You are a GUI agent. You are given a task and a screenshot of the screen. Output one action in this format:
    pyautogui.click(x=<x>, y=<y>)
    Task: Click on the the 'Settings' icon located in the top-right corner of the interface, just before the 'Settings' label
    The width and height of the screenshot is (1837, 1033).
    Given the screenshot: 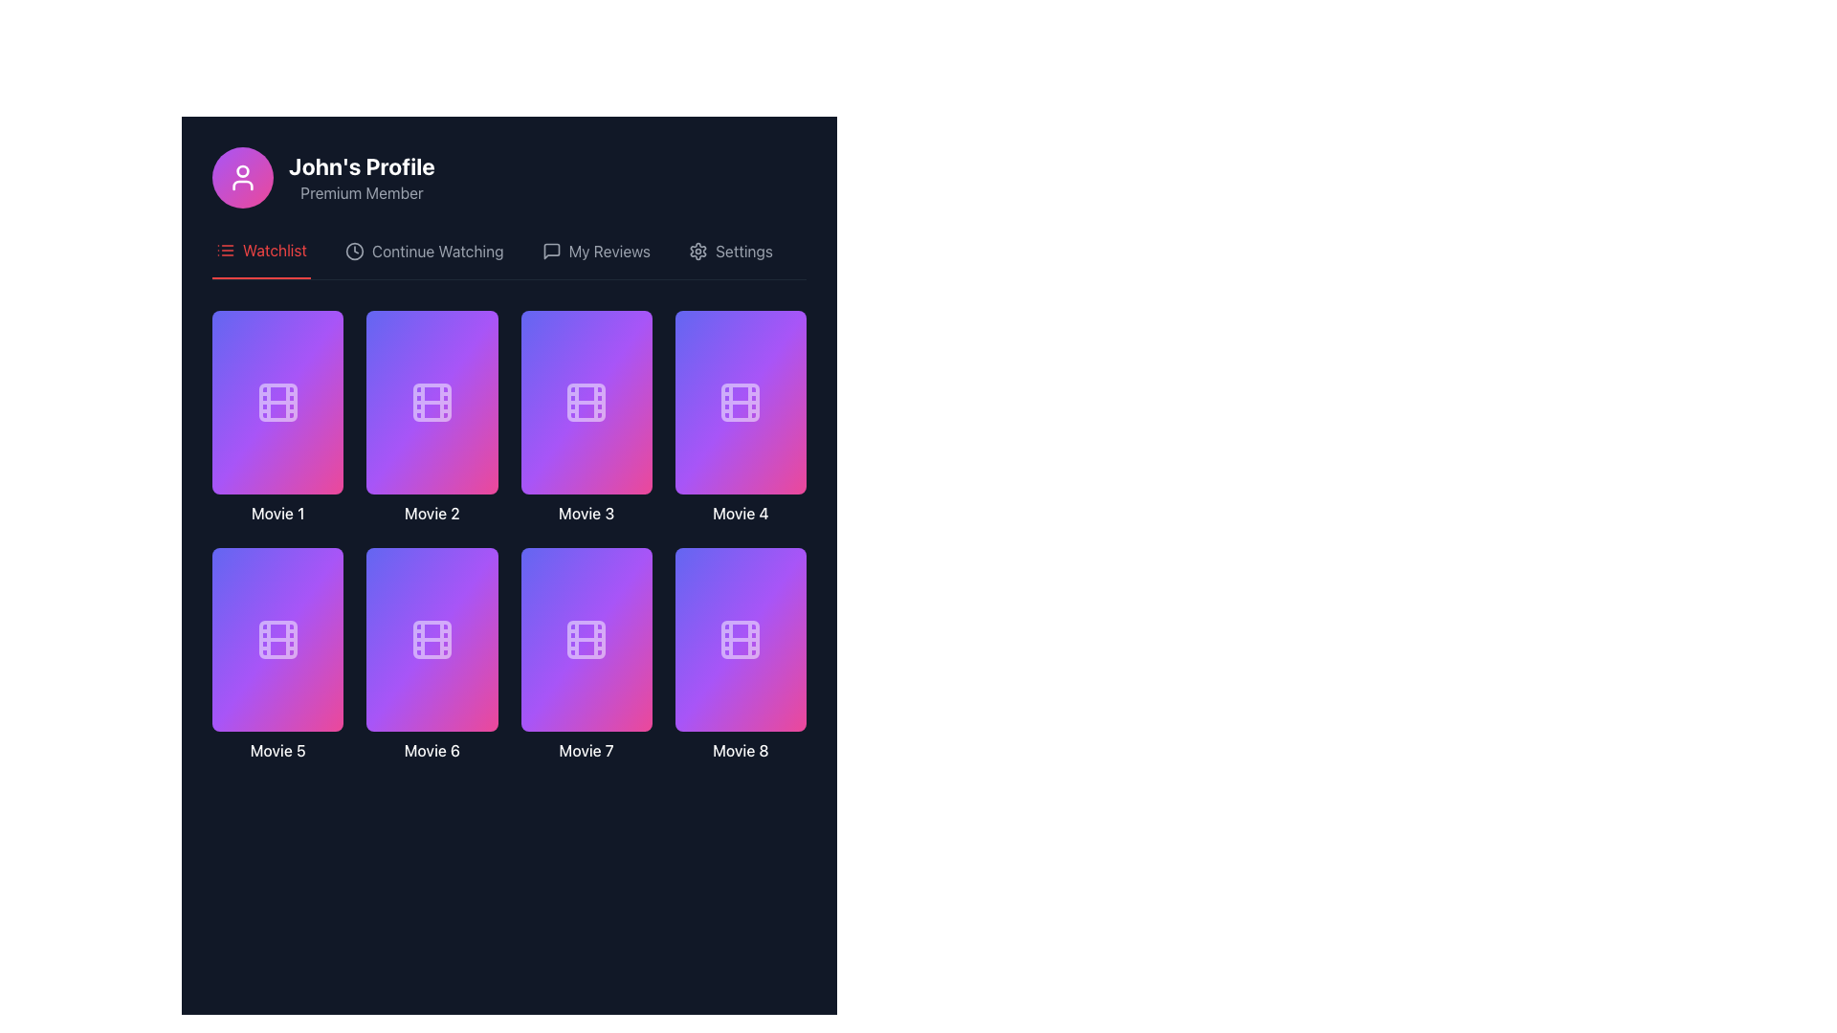 What is the action you would take?
    pyautogui.click(x=697, y=250)
    